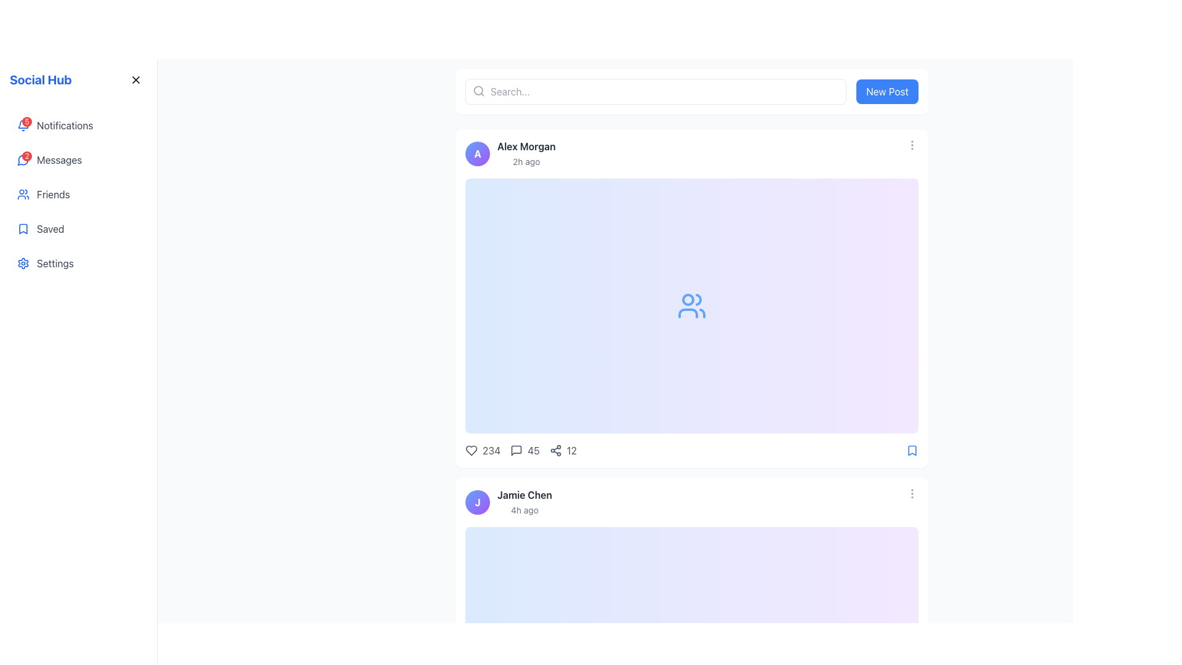  Describe the element at coordinates (525, 451) in the screenshot. I see `the interactive counter displaying the number of comments on the post` at that location.